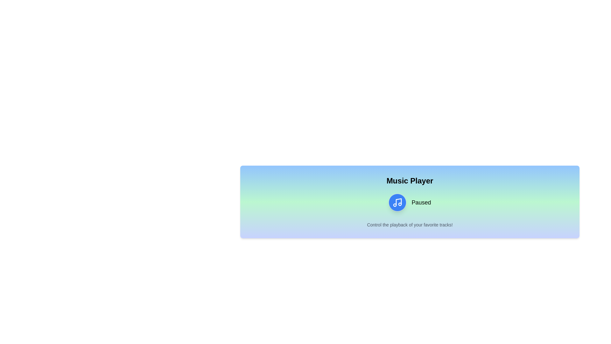 This screenshot has width=611, height=344. I want to click on the playback toggle button to change its state, so click(397, 203).